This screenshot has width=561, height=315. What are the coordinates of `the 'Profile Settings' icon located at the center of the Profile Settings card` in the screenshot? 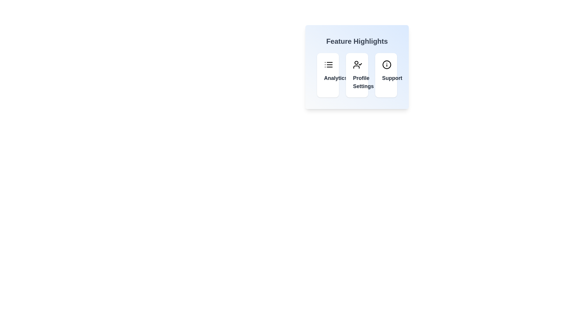 It's located at (357, 65).